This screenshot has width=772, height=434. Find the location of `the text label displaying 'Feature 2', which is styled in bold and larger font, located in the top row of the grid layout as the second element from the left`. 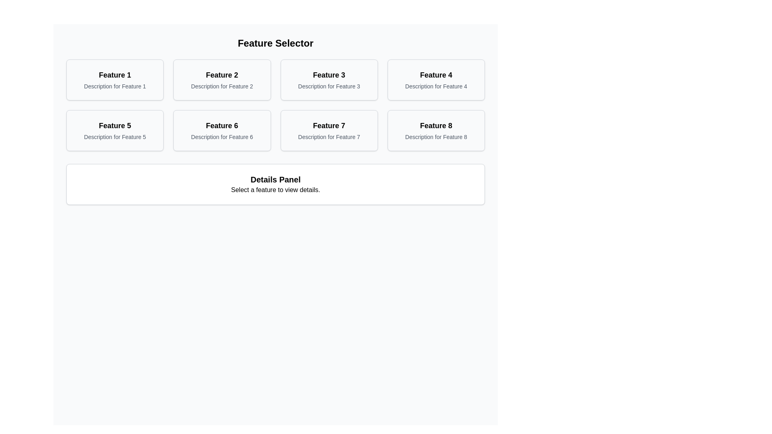

the text label displaying 'Feature 2', which is styled in bold and larger font, located in the top row of the grid layout as the second element from the left is located at coordinates (222, 75).